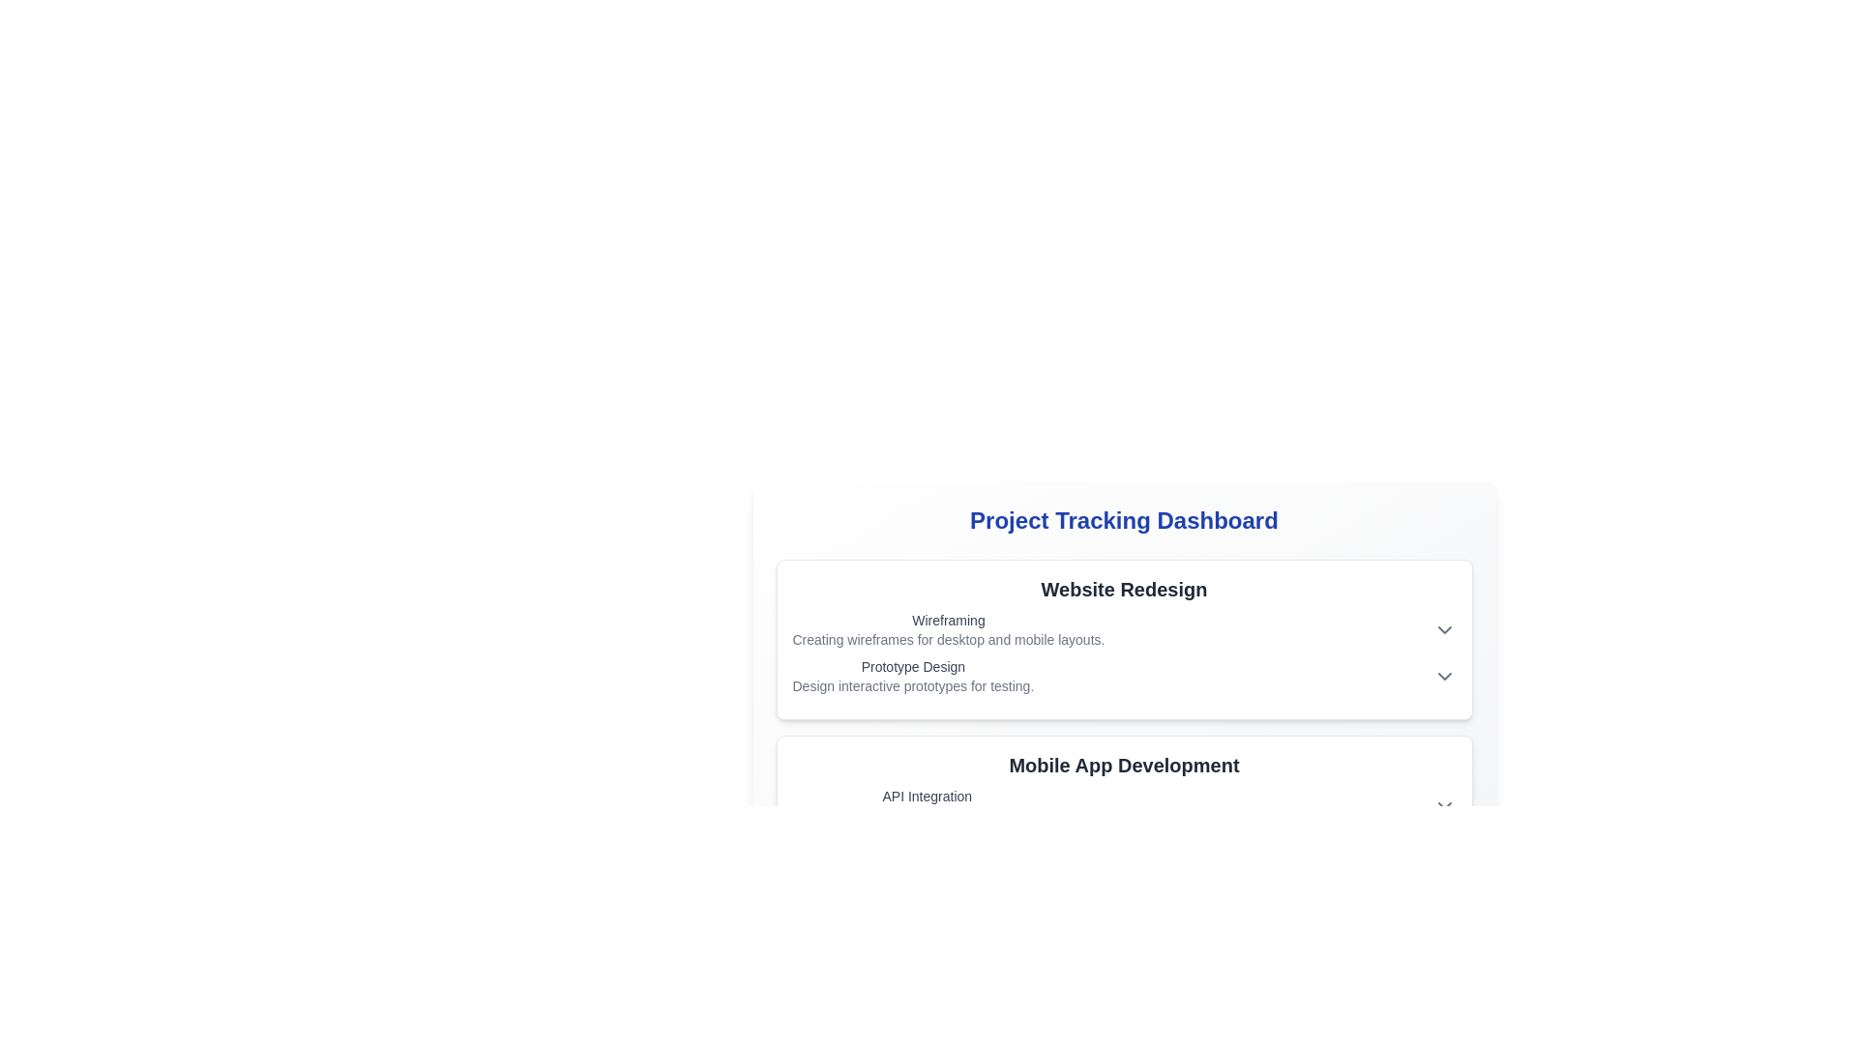 This screenshot has width=1857, height=1044. Describe the element at coordinates (948, 640) in the screenshot. I see `the text label containing the phrase 'Creating wireframes for desktop and mobile layouts.' which is styled in light gray and positioned under the 'Wireframing' heading` at that location.